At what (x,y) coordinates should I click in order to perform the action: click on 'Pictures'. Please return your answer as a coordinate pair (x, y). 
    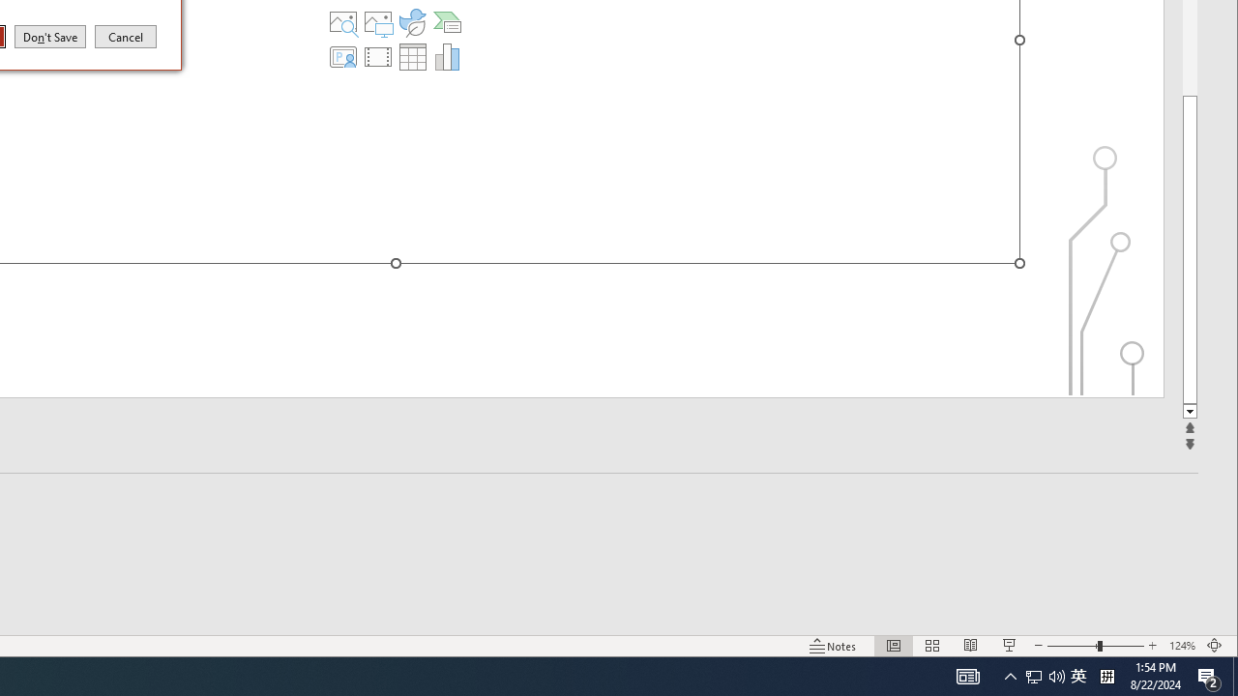
    Looking at the image, I should click on (378, 22).